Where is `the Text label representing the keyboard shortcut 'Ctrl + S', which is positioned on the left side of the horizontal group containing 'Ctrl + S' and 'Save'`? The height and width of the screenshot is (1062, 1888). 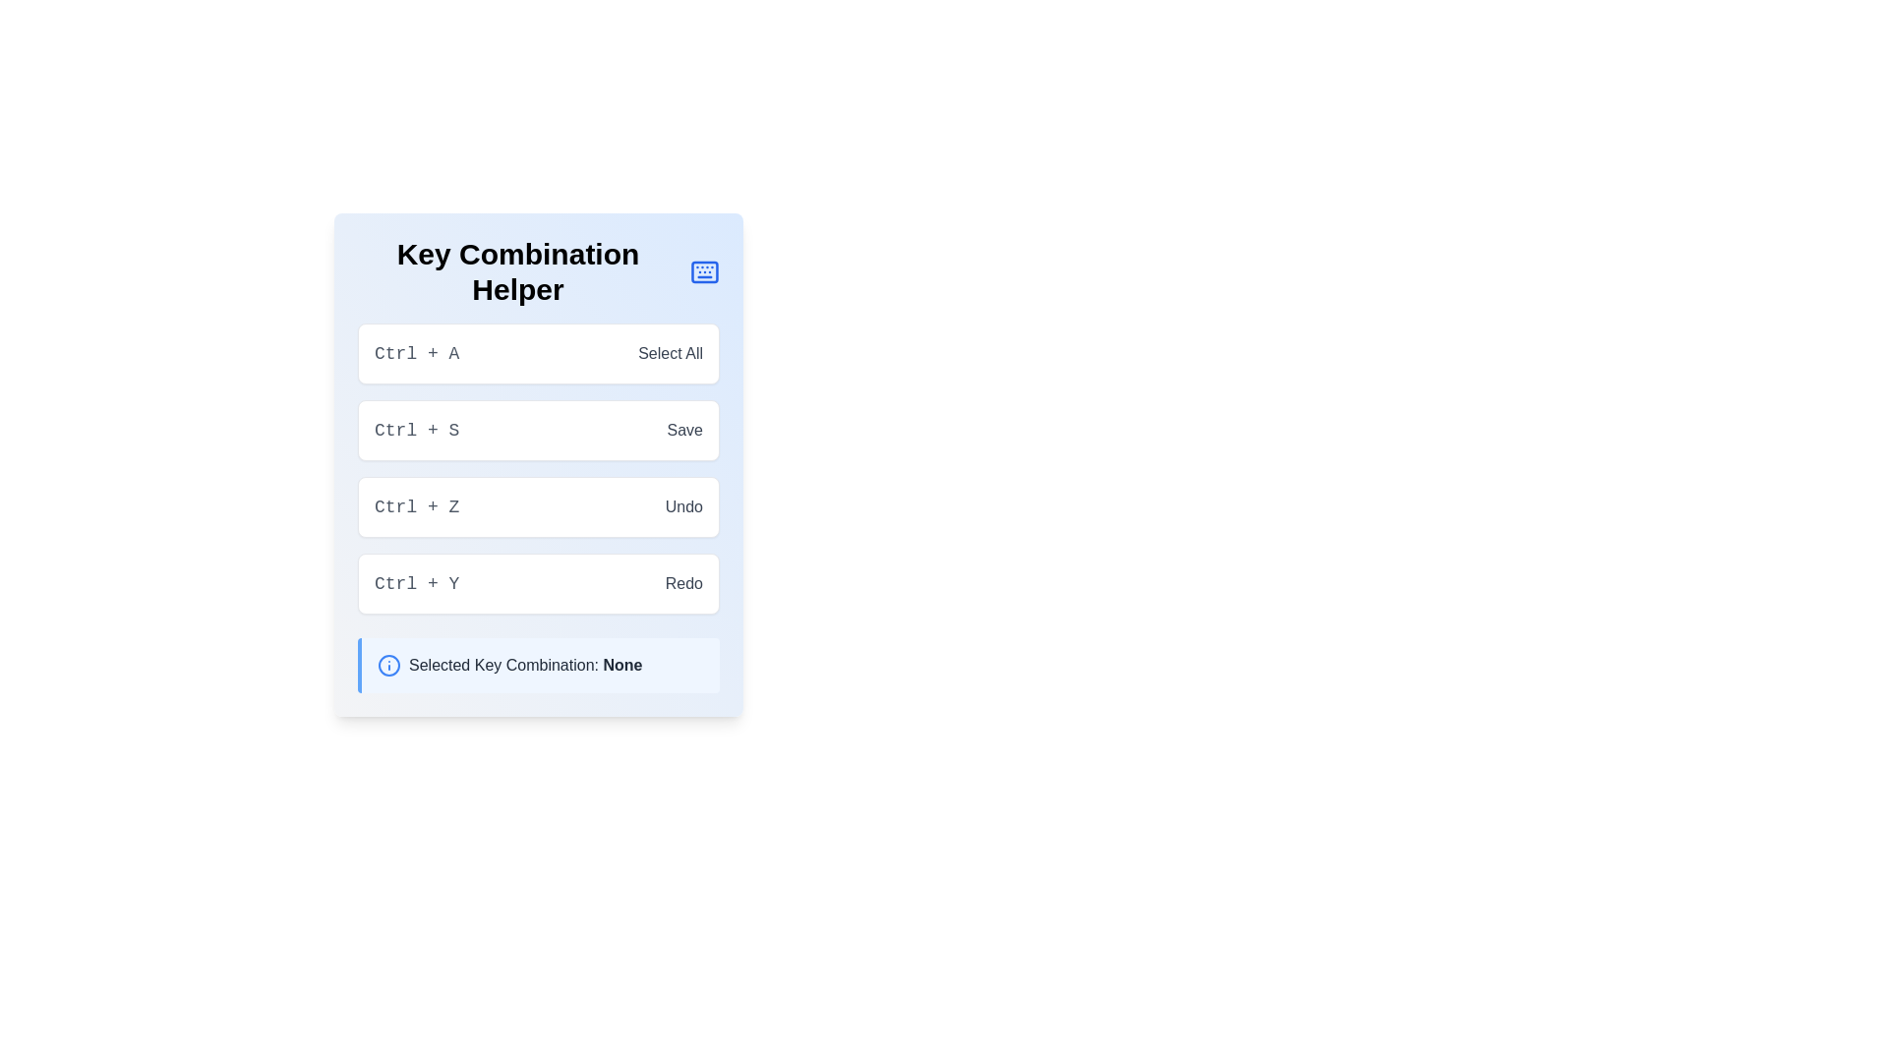 the Text label representing the keyboard shortcut 'Ctrl + S', which is positioned on the left side of the horizontal group containing 'Ctrl + S' and 'Save' is located at coordinates (416, 430).